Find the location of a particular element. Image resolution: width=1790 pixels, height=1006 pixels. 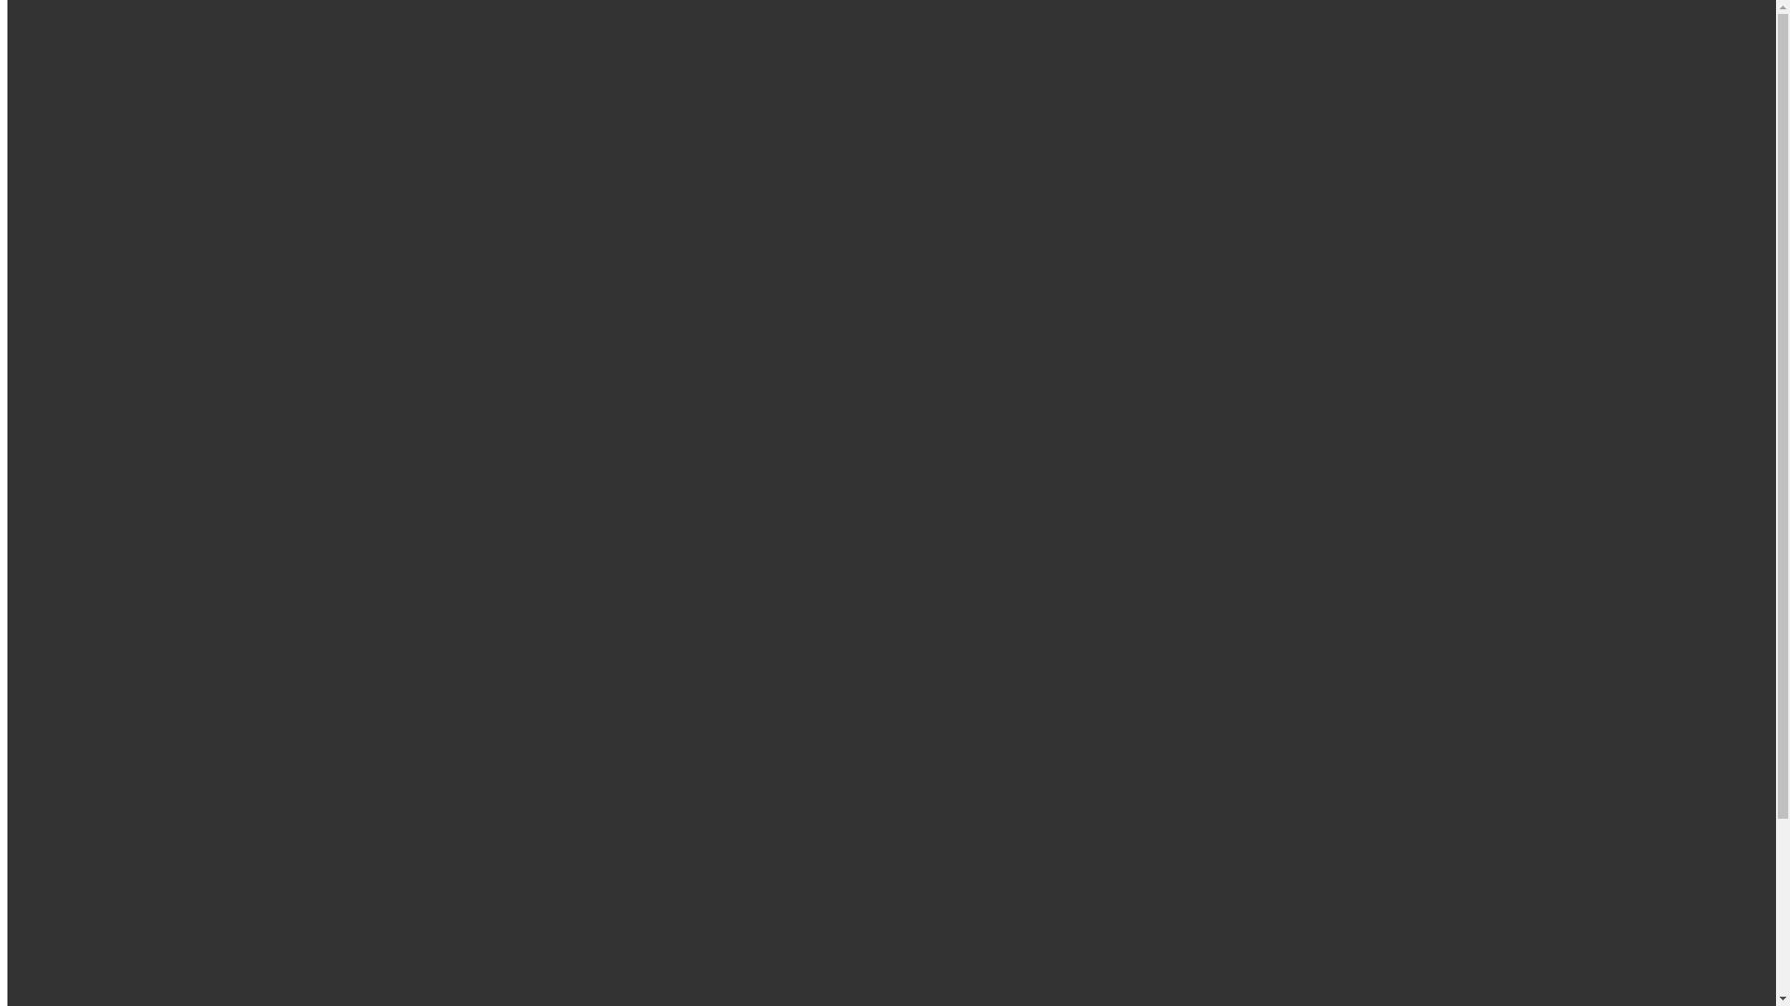

'Directory' is located at coordinates (73, 99).